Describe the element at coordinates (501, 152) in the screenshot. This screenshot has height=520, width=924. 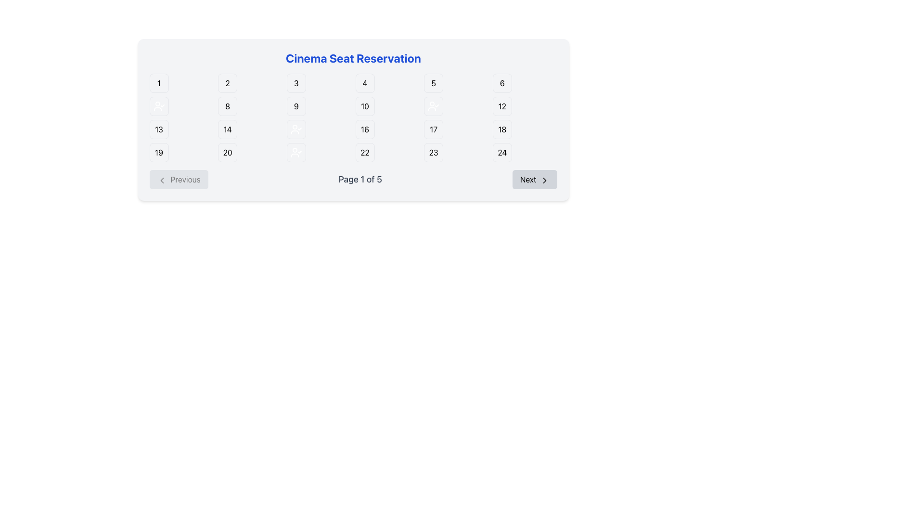
I see `the non-interactive square button displaying the text '24', located in the bottom-right corner of the grid layout, which has a green background indicating availability` at that location.